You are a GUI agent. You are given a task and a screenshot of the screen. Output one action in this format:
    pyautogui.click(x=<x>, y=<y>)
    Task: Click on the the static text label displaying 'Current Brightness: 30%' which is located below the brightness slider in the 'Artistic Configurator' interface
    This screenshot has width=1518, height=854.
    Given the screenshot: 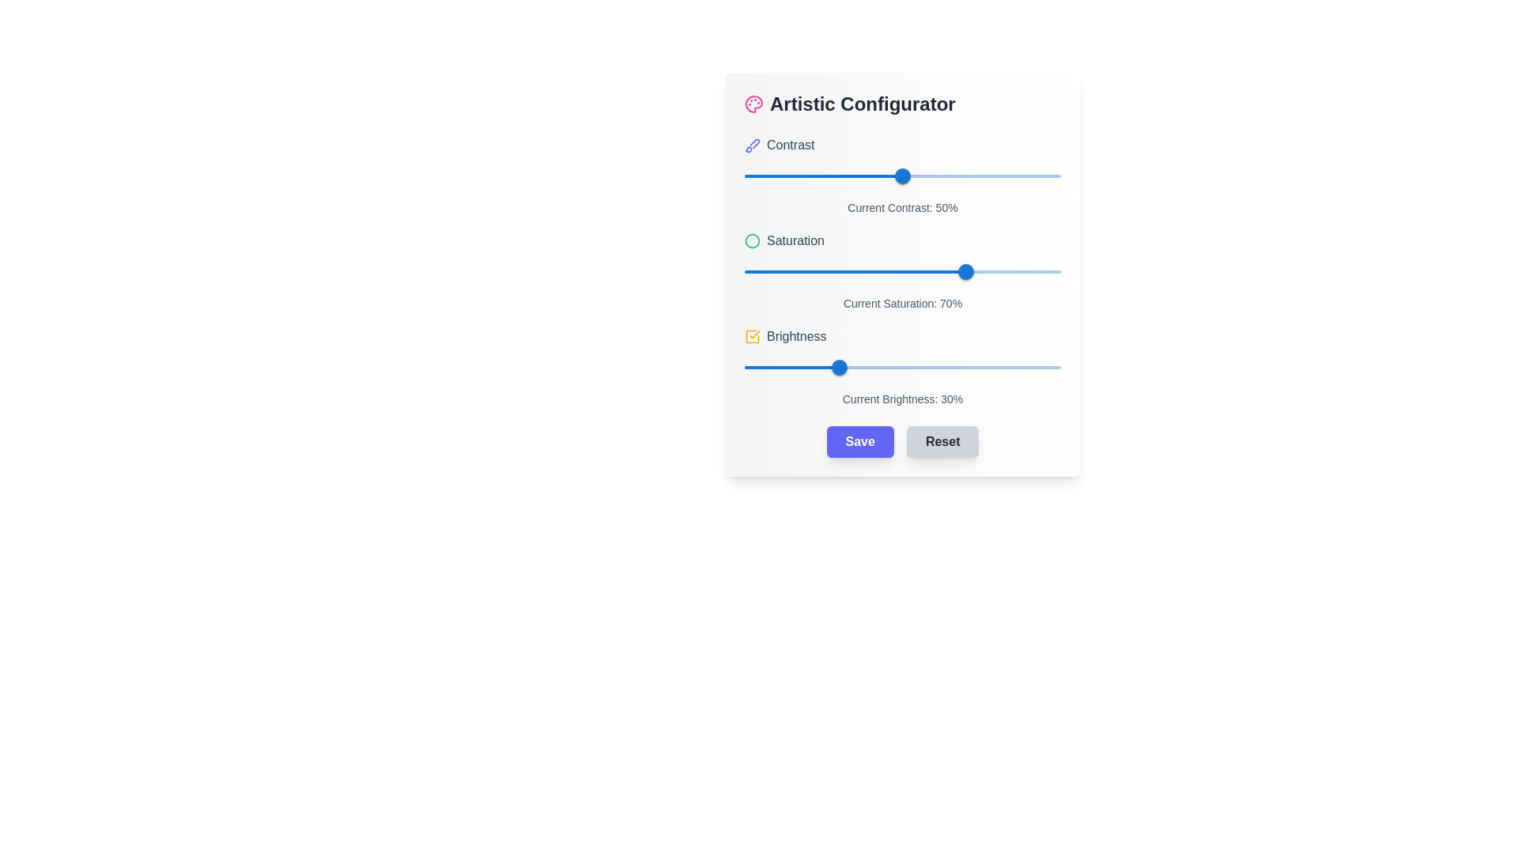 What is the action you would take?
    pyautogui.click(x=903, y=399)
    